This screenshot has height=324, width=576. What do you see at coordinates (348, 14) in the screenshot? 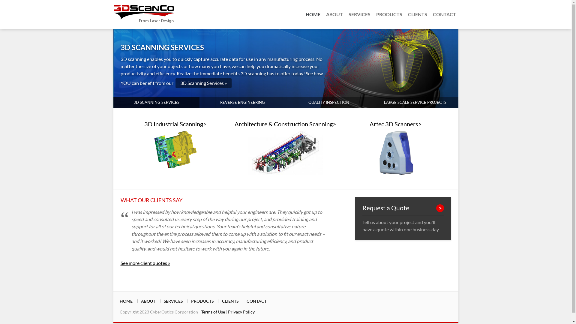
I see `'SERVICES'` at bounding box center [348, 14].